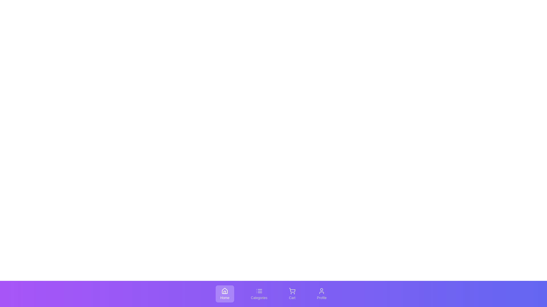 This screenshot has width=547, height=307. Describe the element at coordinates (224, 294) in the screenshot. I see `the tab labeled Home to see its hover effect` at that location.